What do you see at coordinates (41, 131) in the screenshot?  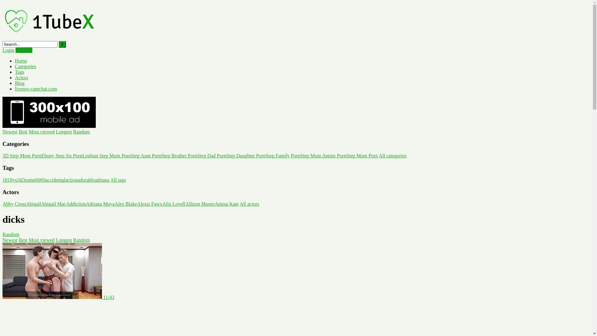 I see `'Most viewed'` at bounding box center [41, 131].